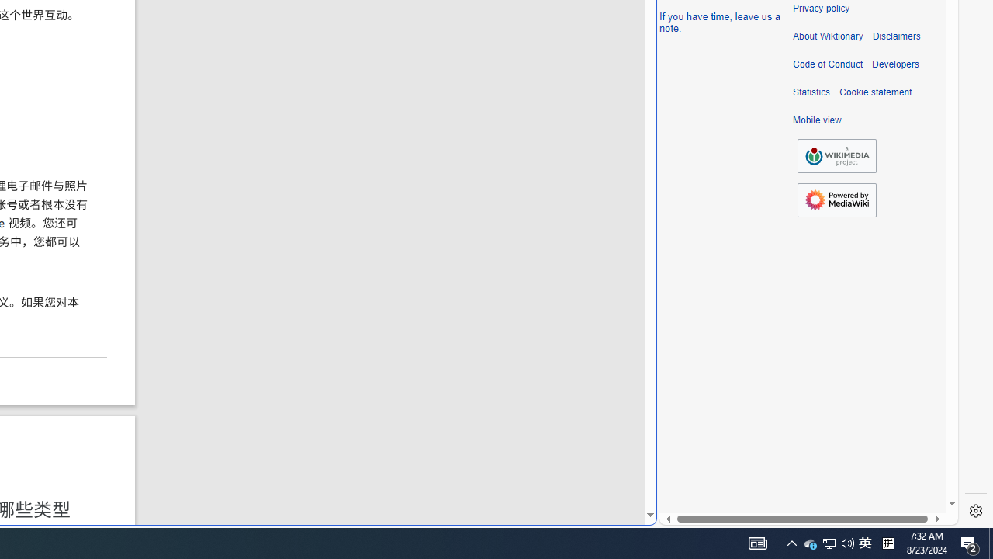 The width and height of the screenshot is (993, 559). Describe the element at coordinates (836, 156) in the screenshot. I see `'AutomationID: footer-copyrightico'` at that location.